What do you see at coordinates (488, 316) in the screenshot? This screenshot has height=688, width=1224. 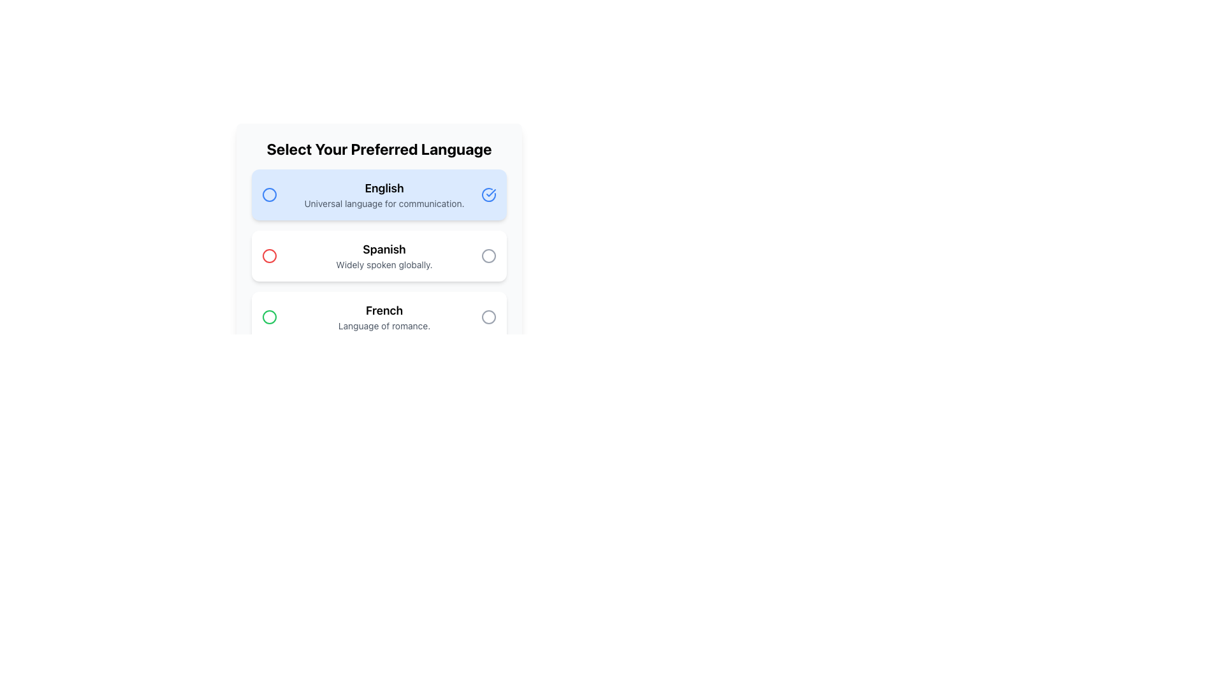 I see `the circular icon indicating the 'French' language selection, which is located at the bottom of the language options list` at bounding box center [488, 316].